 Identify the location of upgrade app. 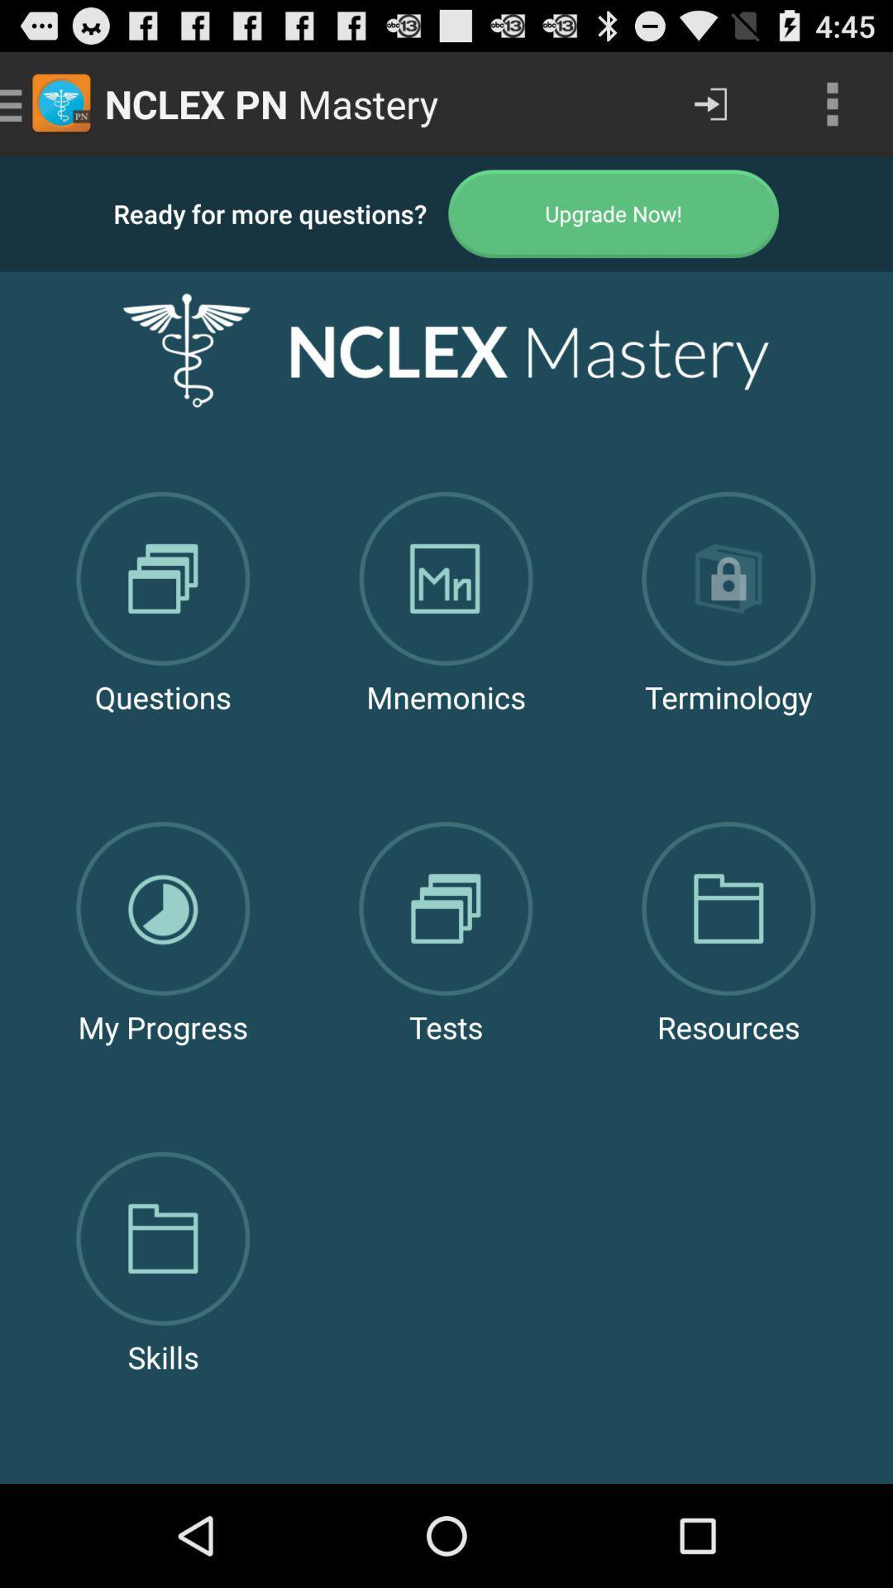
(614, 213).